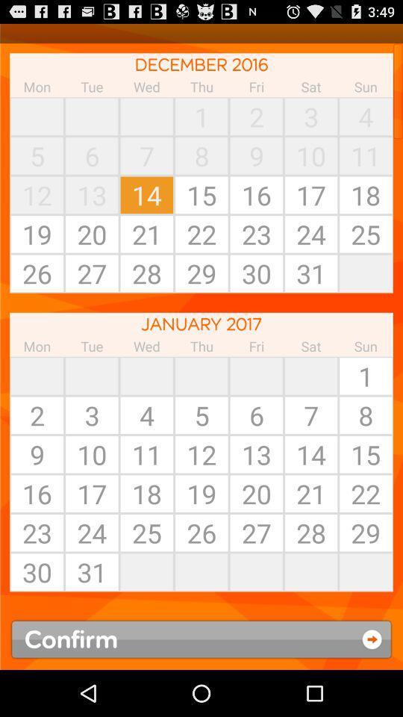 The width and height of the screenshot is (403, 717). Describe the element at coordinates (146, 571) in the screenshot. I see `app to the left of the 26 icon` at that location.